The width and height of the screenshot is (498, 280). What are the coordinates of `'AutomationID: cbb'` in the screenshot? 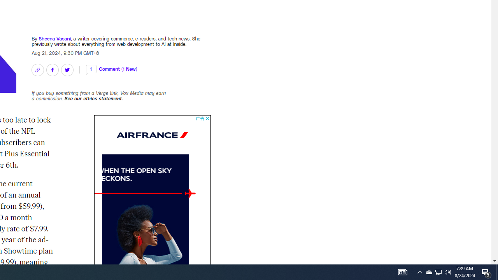 It's located at (207, 118).